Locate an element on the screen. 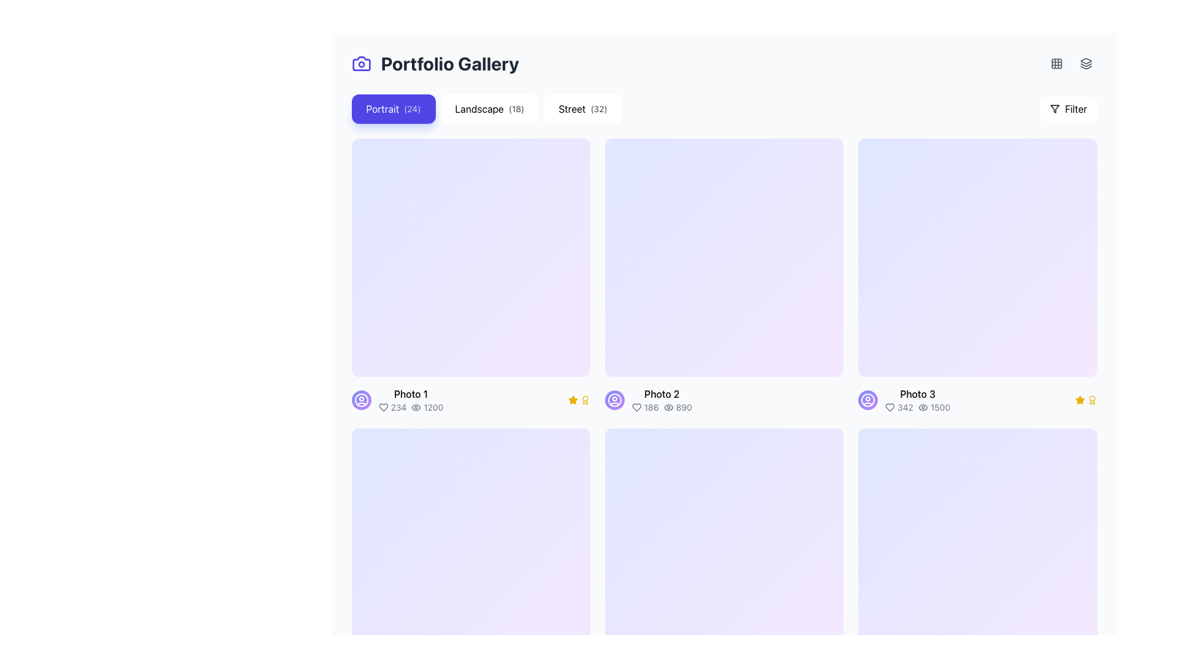 The height and width of the screenshot is (662, 1177). the count displayed next to the 'Portrait' label, which indicates the number of items associated with it is located at coordinates (412, 108).